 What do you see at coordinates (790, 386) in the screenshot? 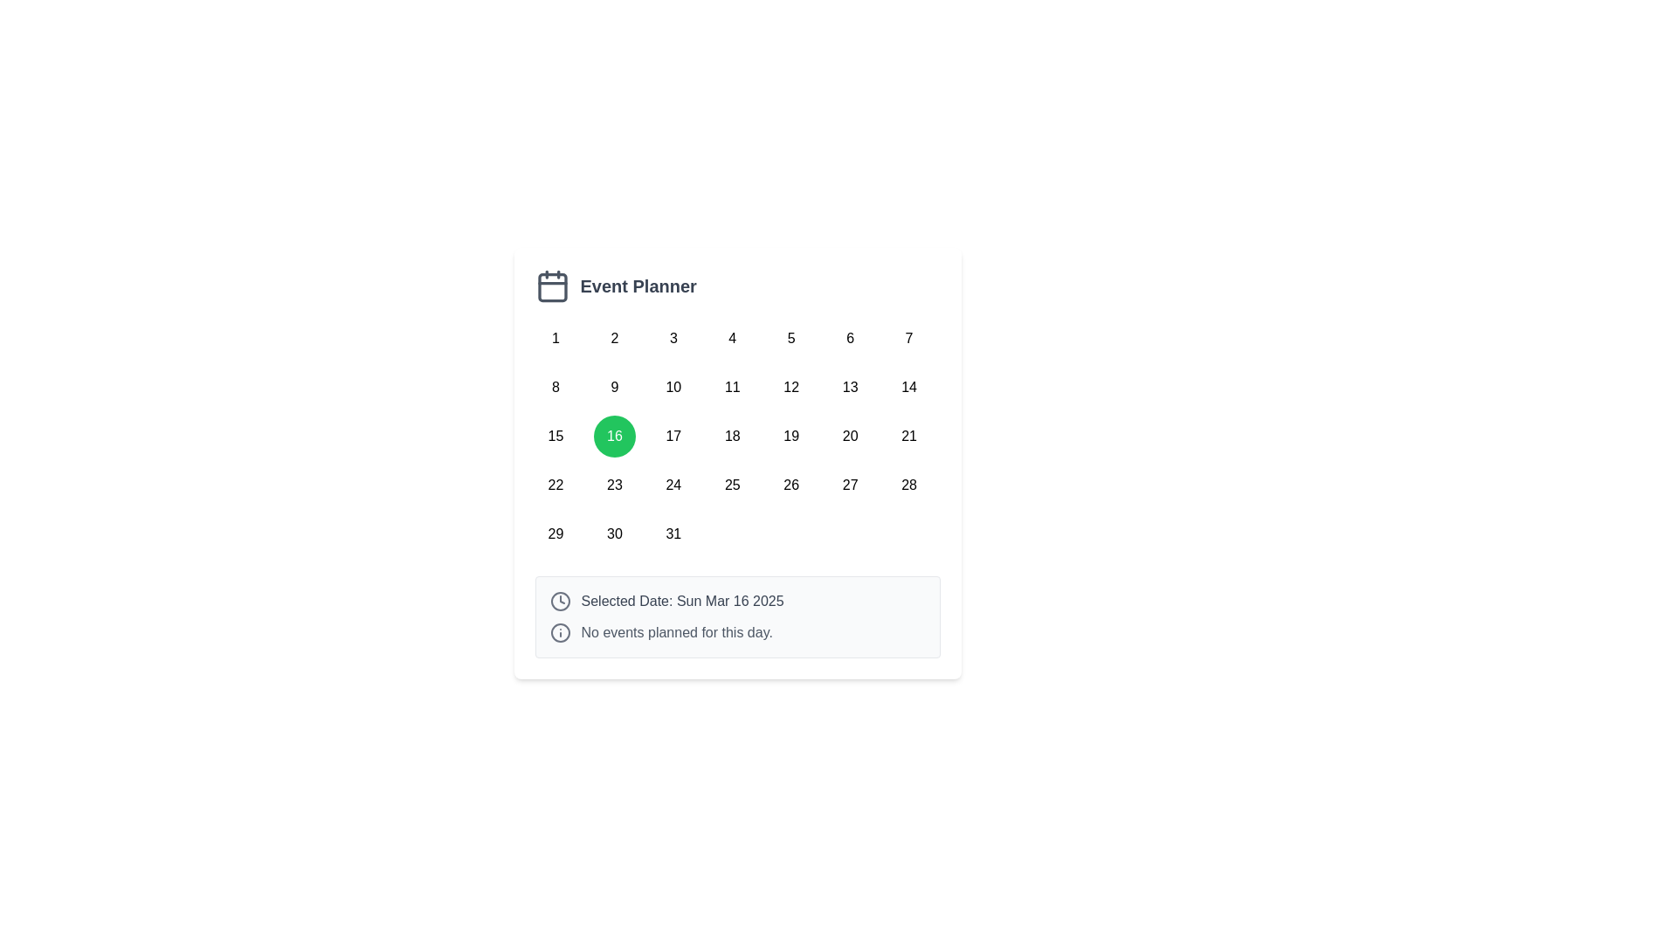
I see `the button representing the 12th day in the calendar interface` at bounding box center [790, 386].